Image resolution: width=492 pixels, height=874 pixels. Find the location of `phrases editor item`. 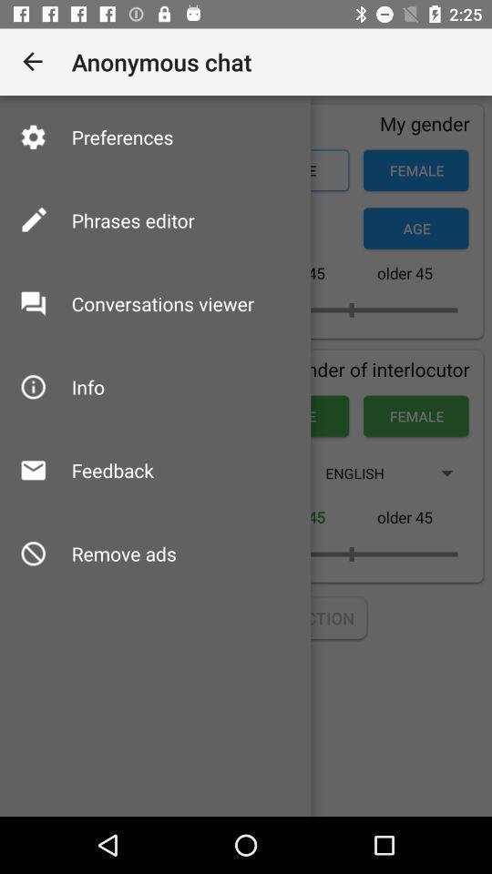

phrases editor item is located at coordinates (132, 219).